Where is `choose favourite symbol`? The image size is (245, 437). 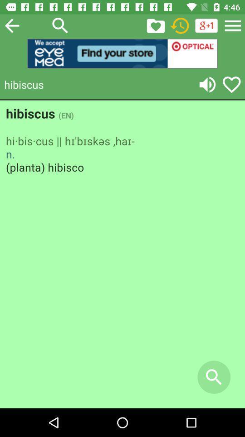 choose favourite symbol is located at coordinates (231, 84).